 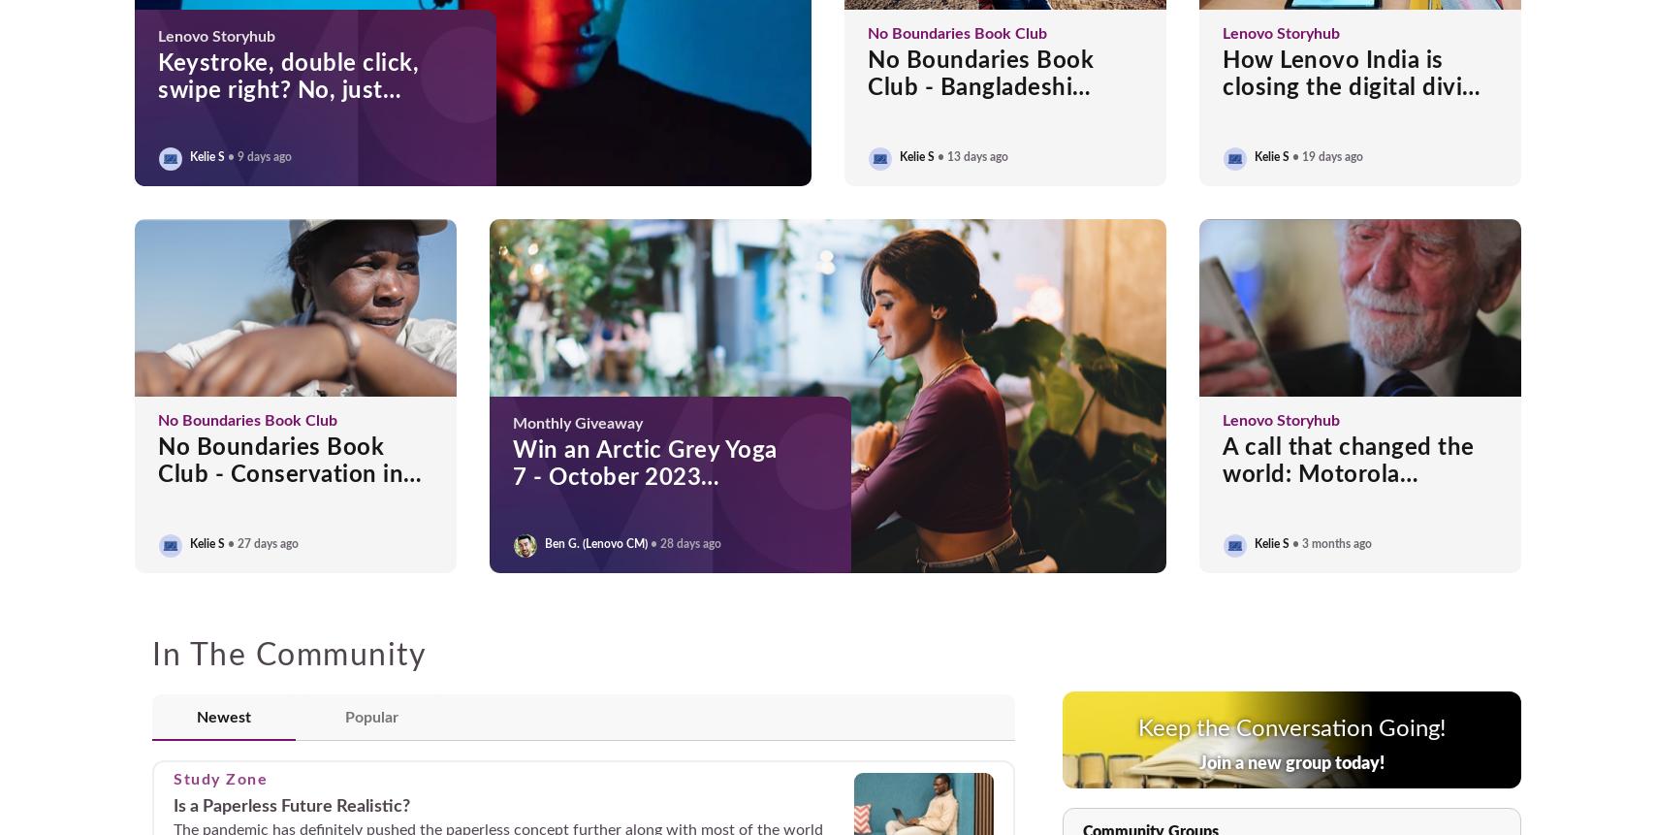 What do you see at coordinates (280, 487) in the screenshot?
I see `'No Boundaries Book Club - Conservation in Zimbabwe with Dr. Moreangels Mbizah'` at bounding box center [280, 487].